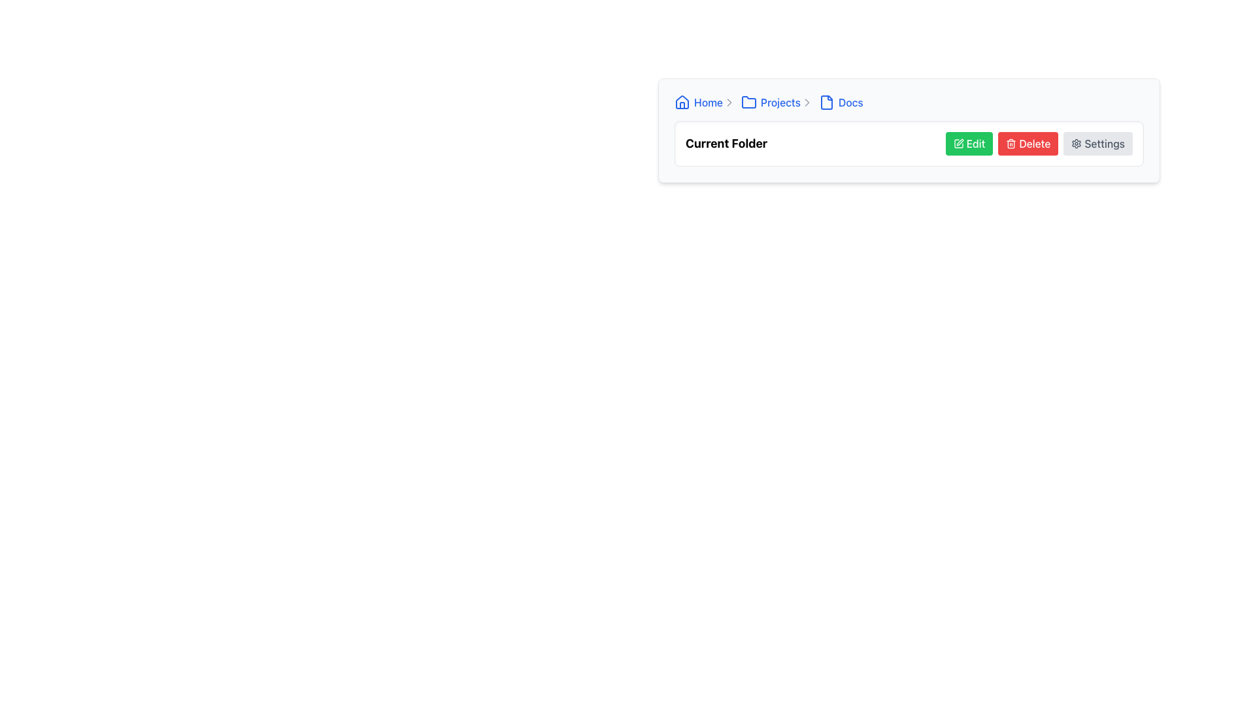 Image resolution: width=1255 pixels, height=706 pixels. What do you see at coordinates (708, 102) in the screenshot?
I see `text label representing the first breadcrumb link in the breadcrumb navigation located at the top-right section of the interface` at bounding box center [708, 102].